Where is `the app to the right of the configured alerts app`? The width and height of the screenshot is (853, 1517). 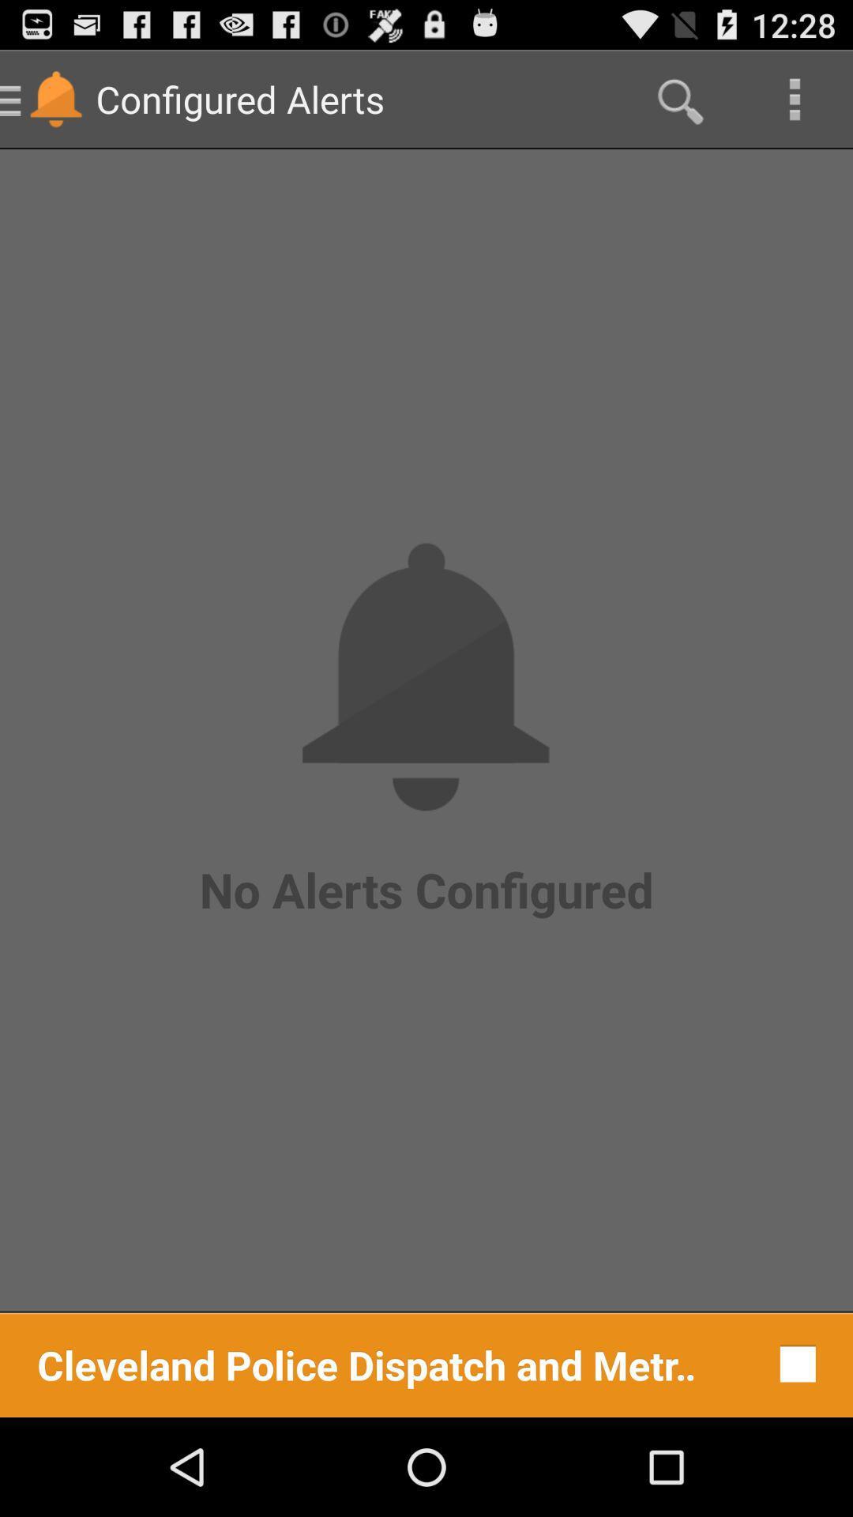
the app to the right of the configured alerts app is located at coordinates (678, 98).